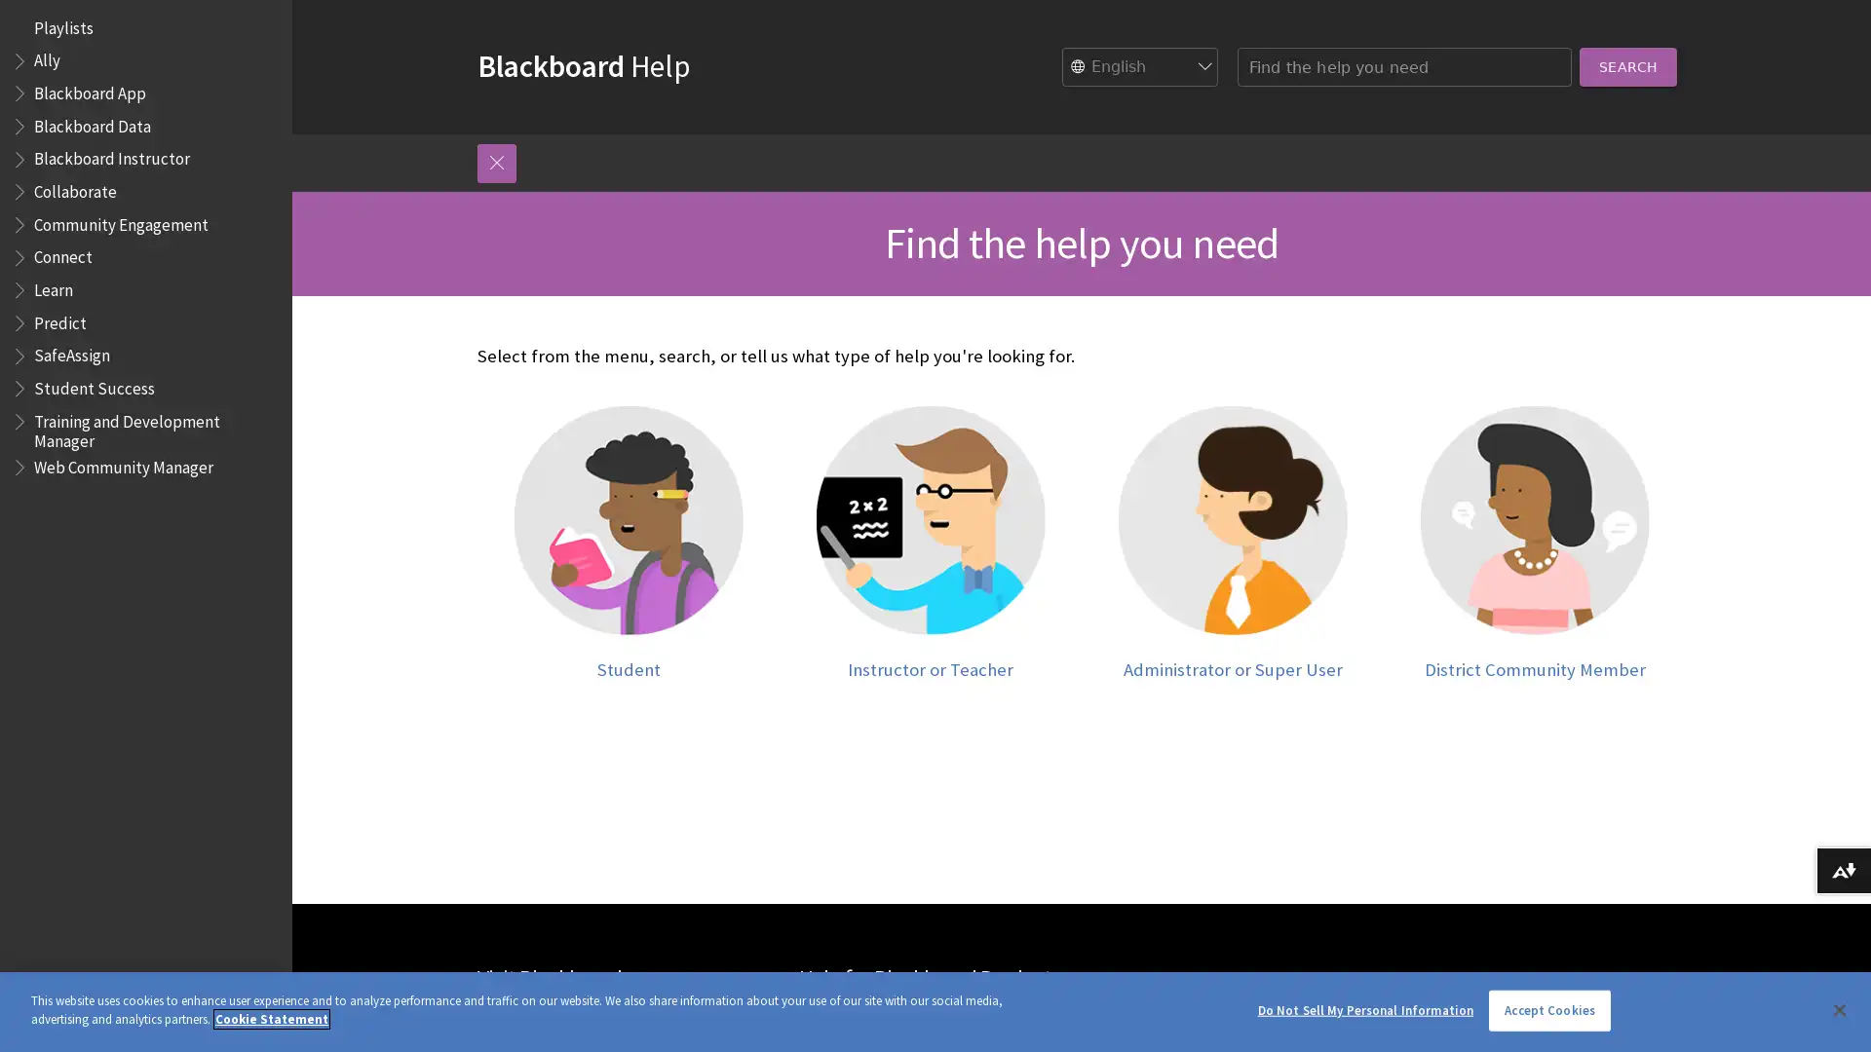 The width and height of the screenshot is (1871, 1052). Describe the element at coordinates (1838, 1008) in the screenshot. I see `Close` at that location.